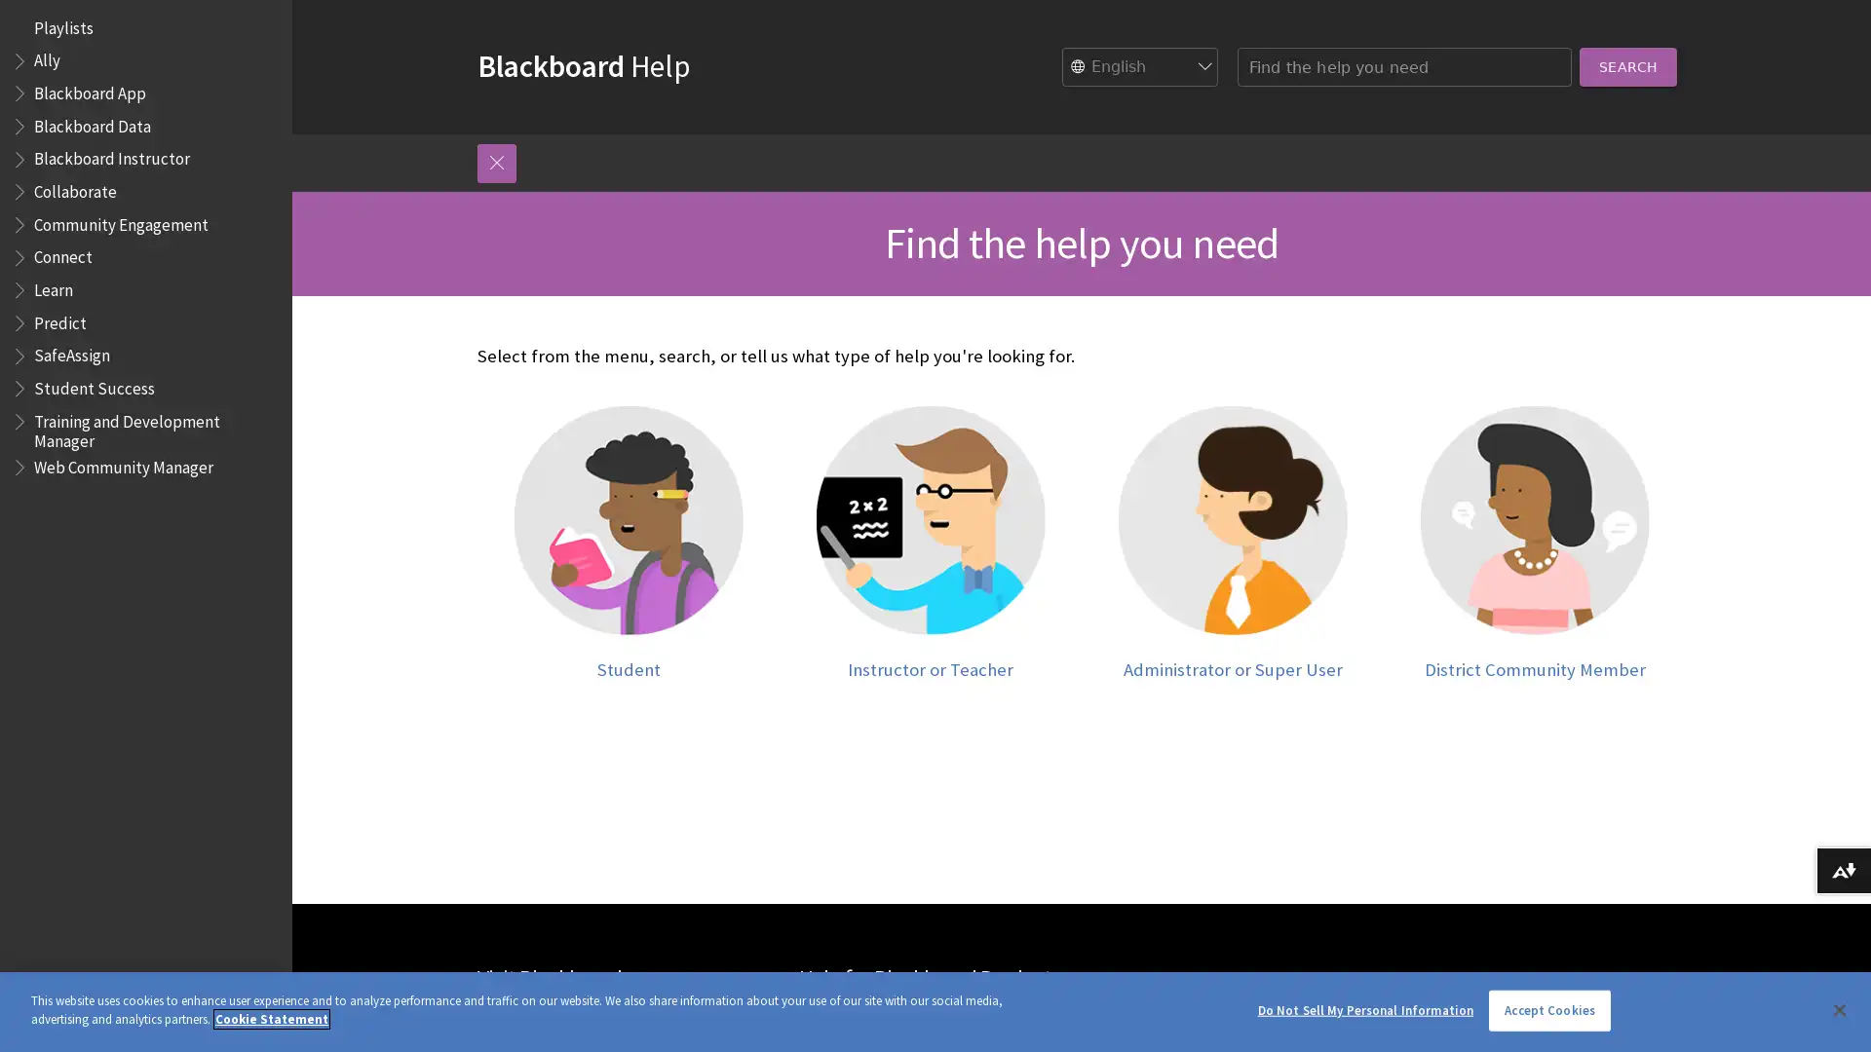 The width and height of the screenshot is (1871, 1052). Describe the element at coordinates (1838, 1008) in the screenshot. I see `Close` at that location.